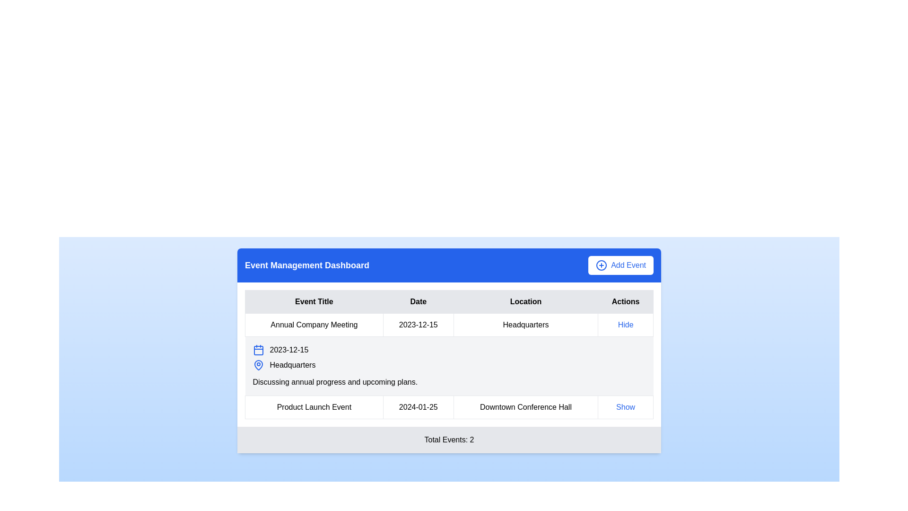 This screenshot has height=511, width=908. Describe the element at coordinates (626, 406) in the screenshot. I see `the text link labeled 'Show' in the 'Actions' column of the 'Product Launch Event' row` at that location.